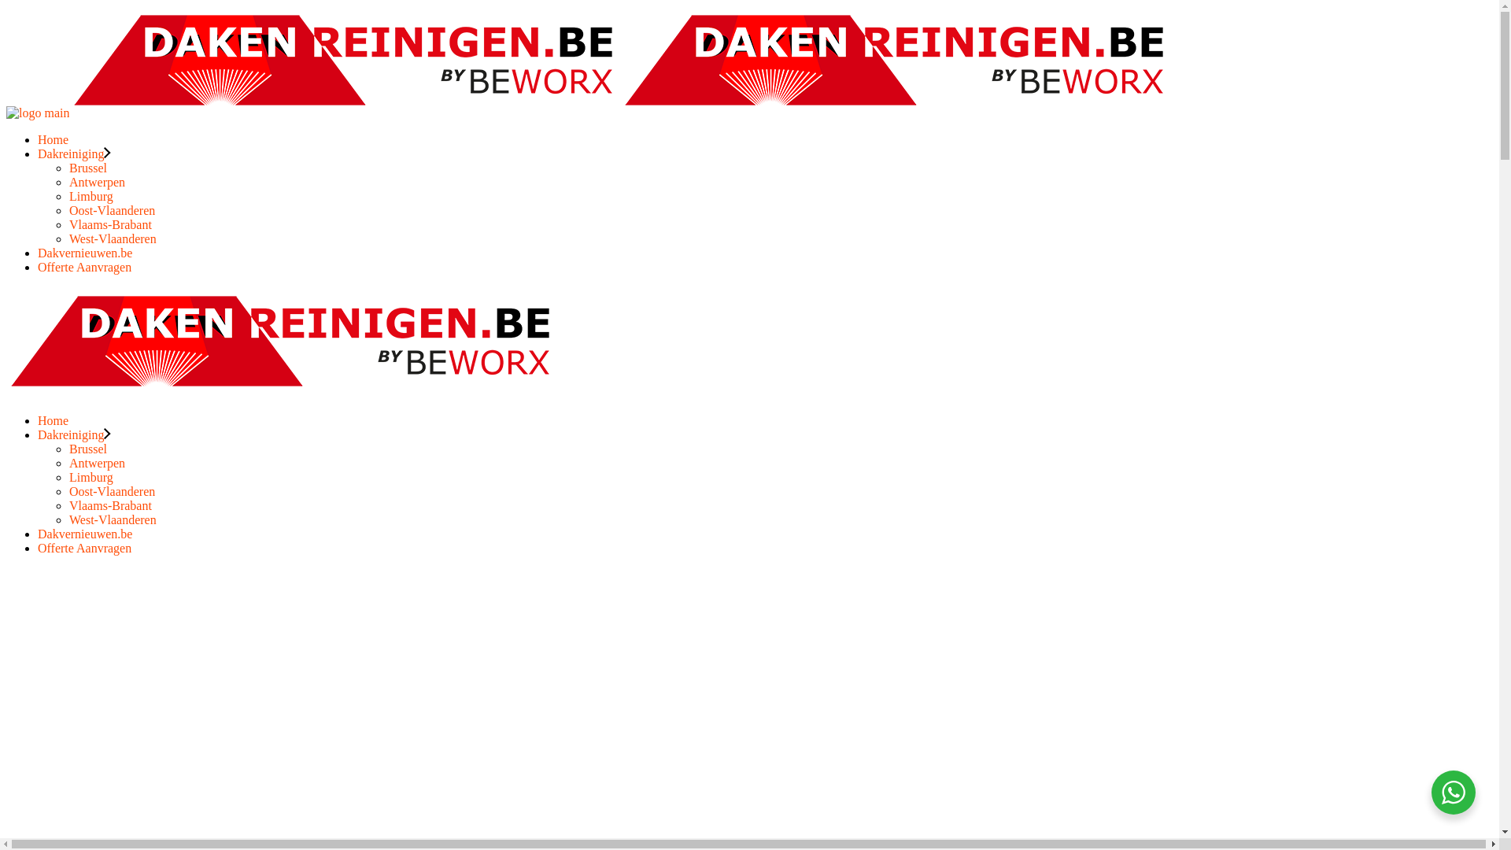  I want to click on 'Brussel', so click(87, 168).